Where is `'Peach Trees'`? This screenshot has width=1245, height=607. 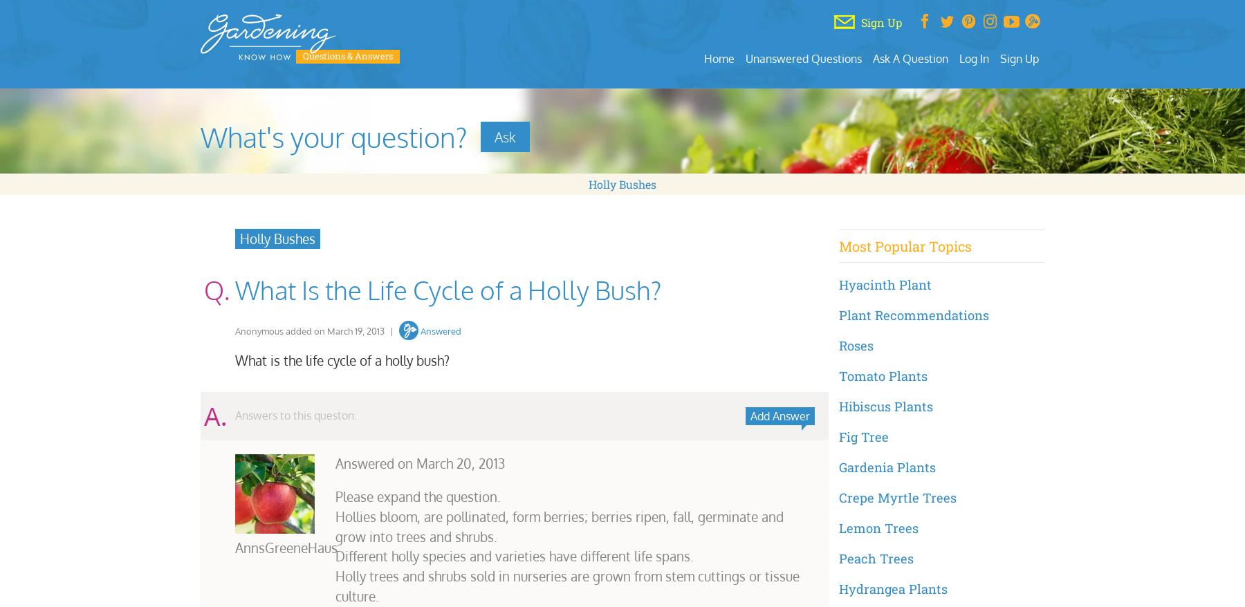
'Peach Trees' is located at coordinates (837, 557).